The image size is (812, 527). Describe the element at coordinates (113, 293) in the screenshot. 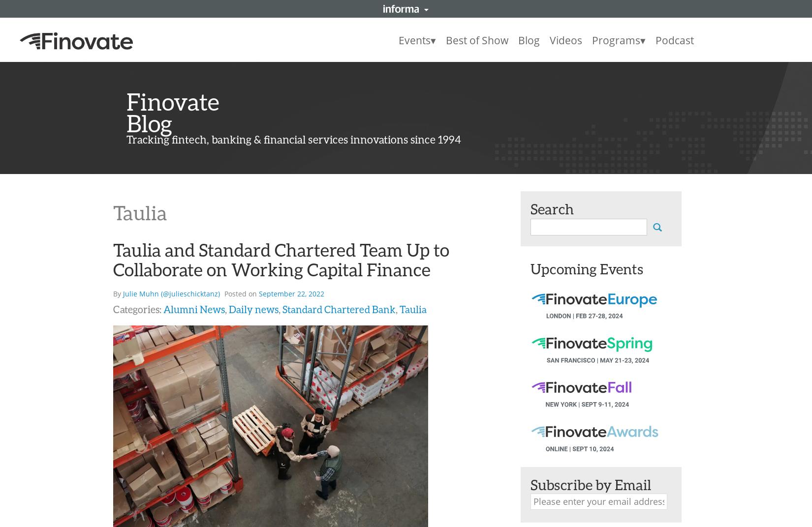

I see `'By'` at that location.